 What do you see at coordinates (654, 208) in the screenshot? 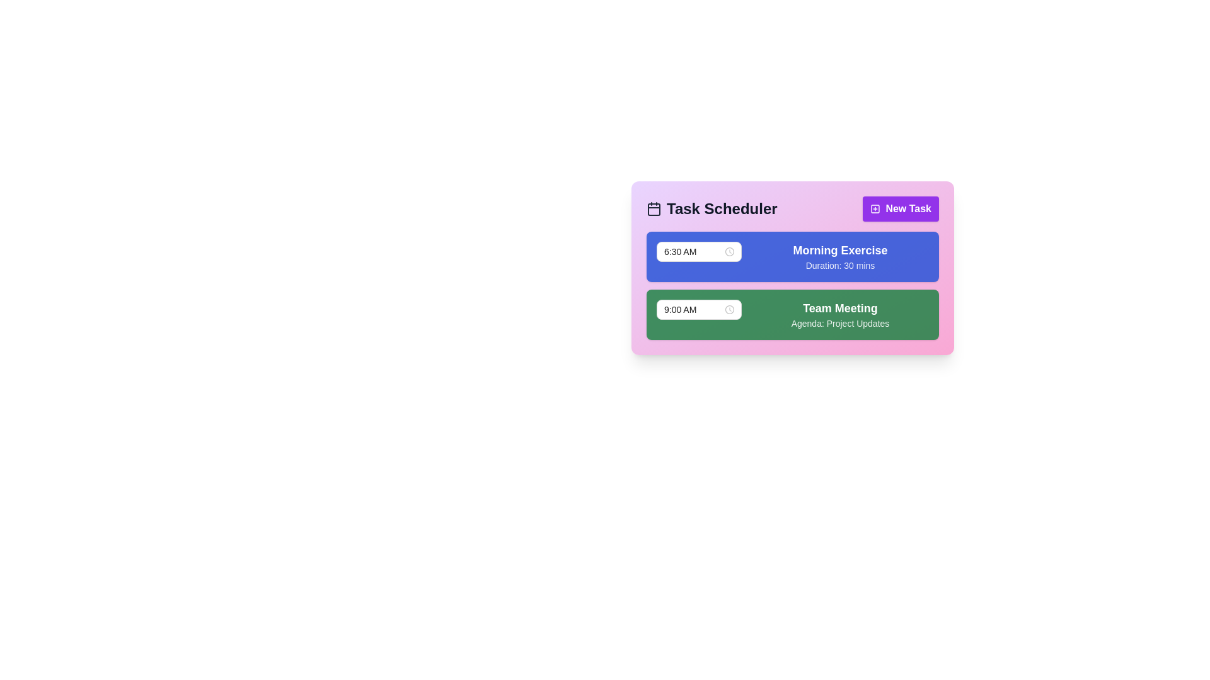
I see `the scheduling task icon located in the top-left corner of the Task Scheduler component, aligned horizontally with the title text 'Task Scheduler'` at bounding box center [654, 208].